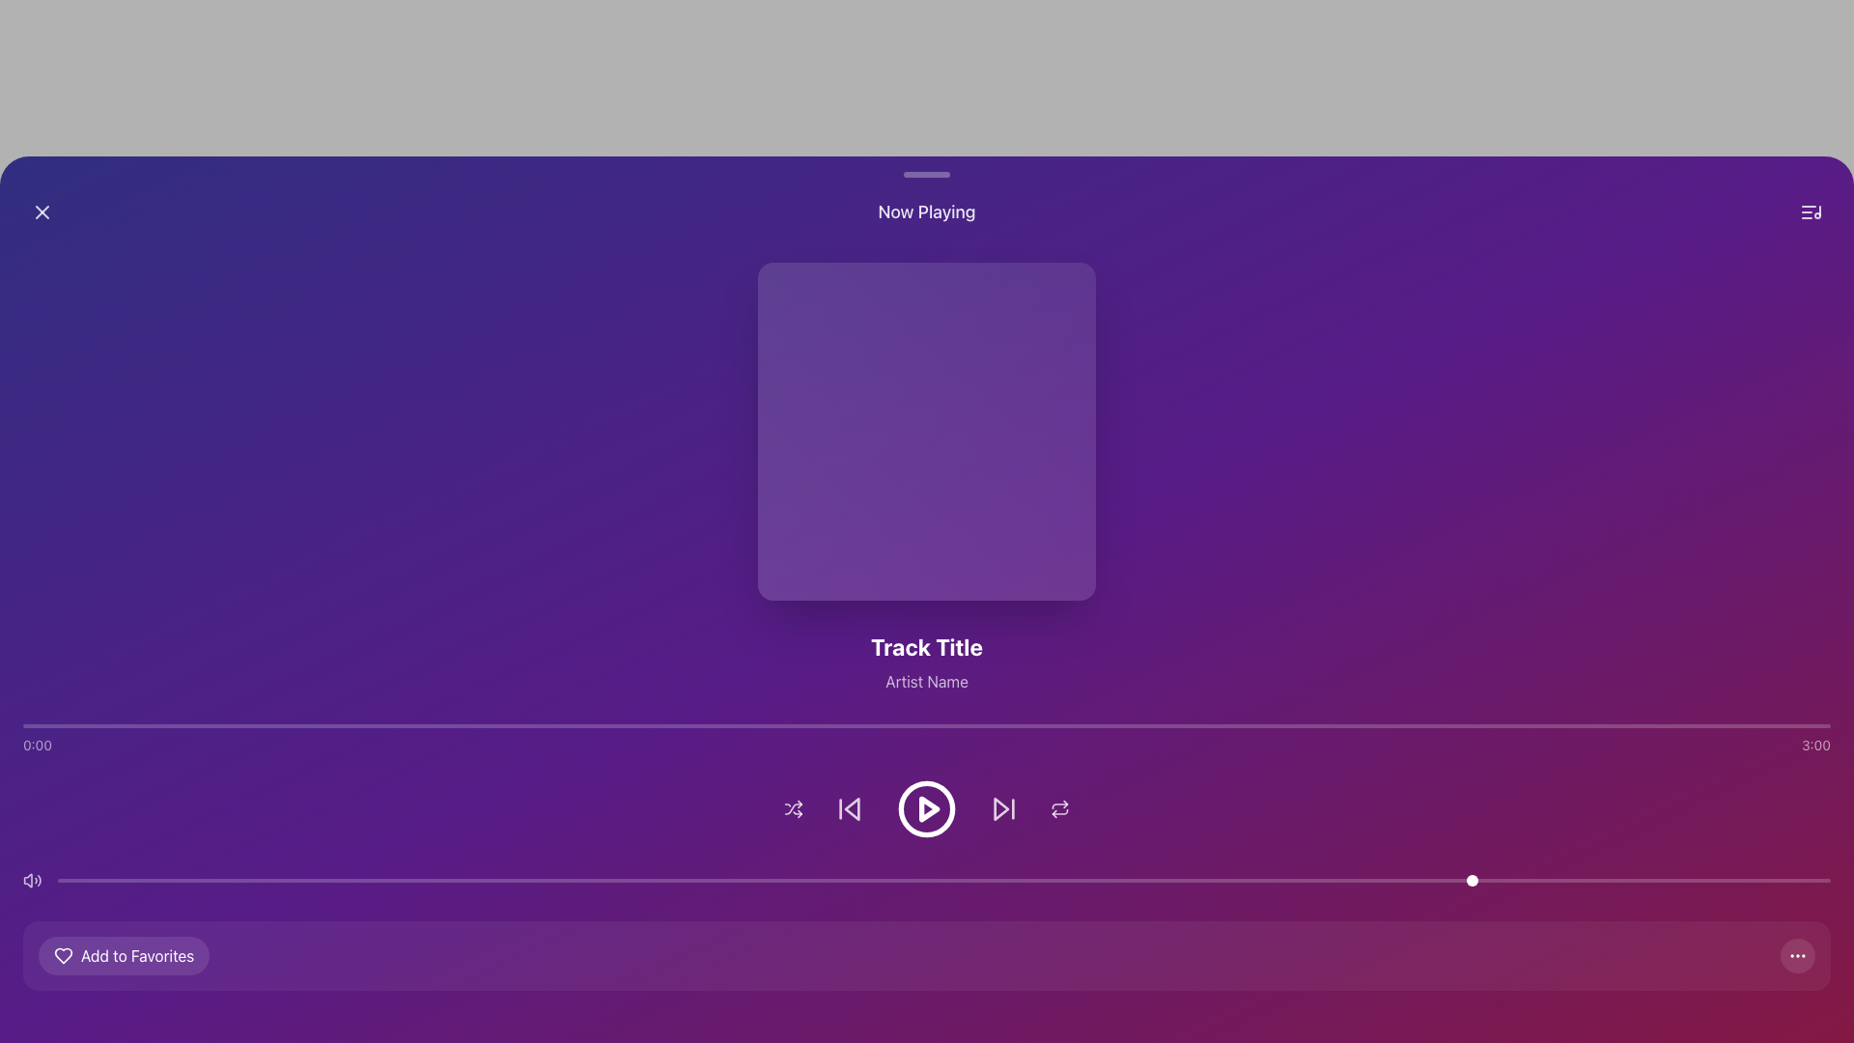  Describe the element at coordinates (851, 808) in the screenshot. I see `the skip backward button, which is a triangular element located to the immediate left of the central circular play button in the media control icons at the bottom center of the interface` at that location.